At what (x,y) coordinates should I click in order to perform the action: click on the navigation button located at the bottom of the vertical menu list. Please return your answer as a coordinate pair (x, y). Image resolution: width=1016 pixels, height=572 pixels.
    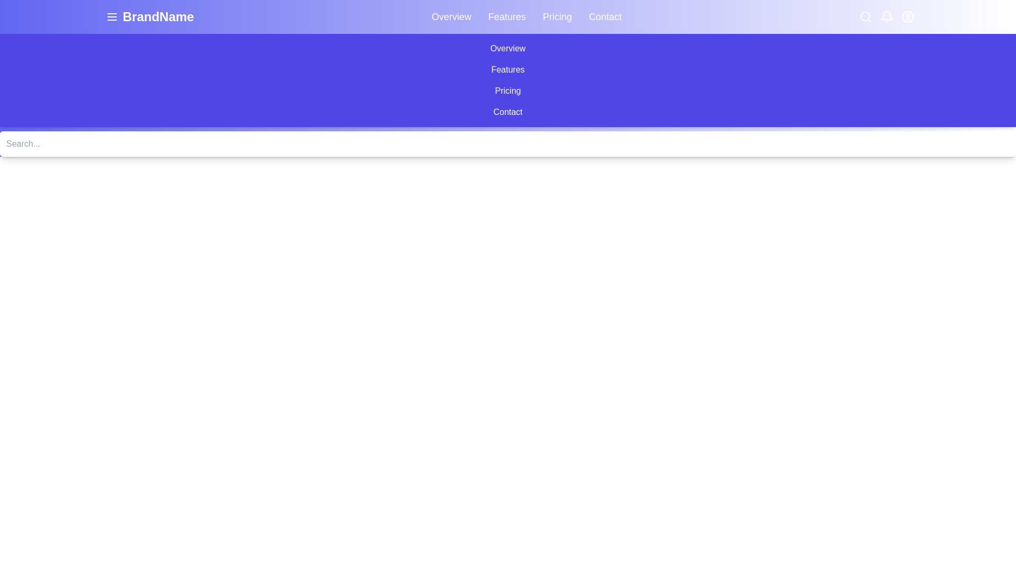
    Looking at the image, I should click on (508, 112).